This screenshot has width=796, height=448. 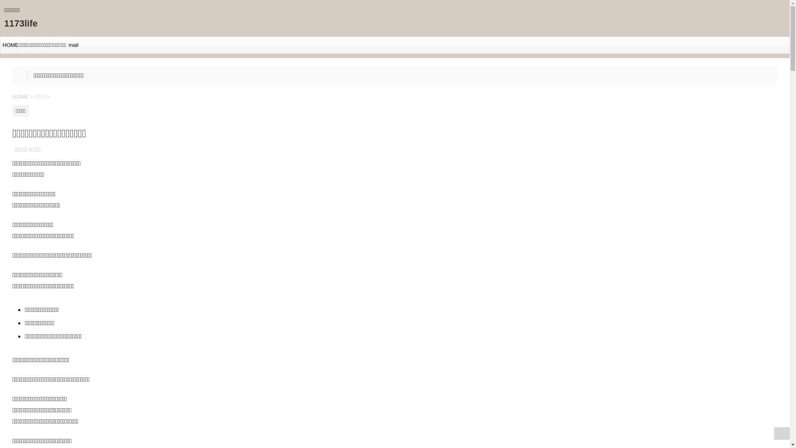 What do you see at coordinates (72, 45) in the screenshot?
I see `'mail'` at bounding box center [72, 45].